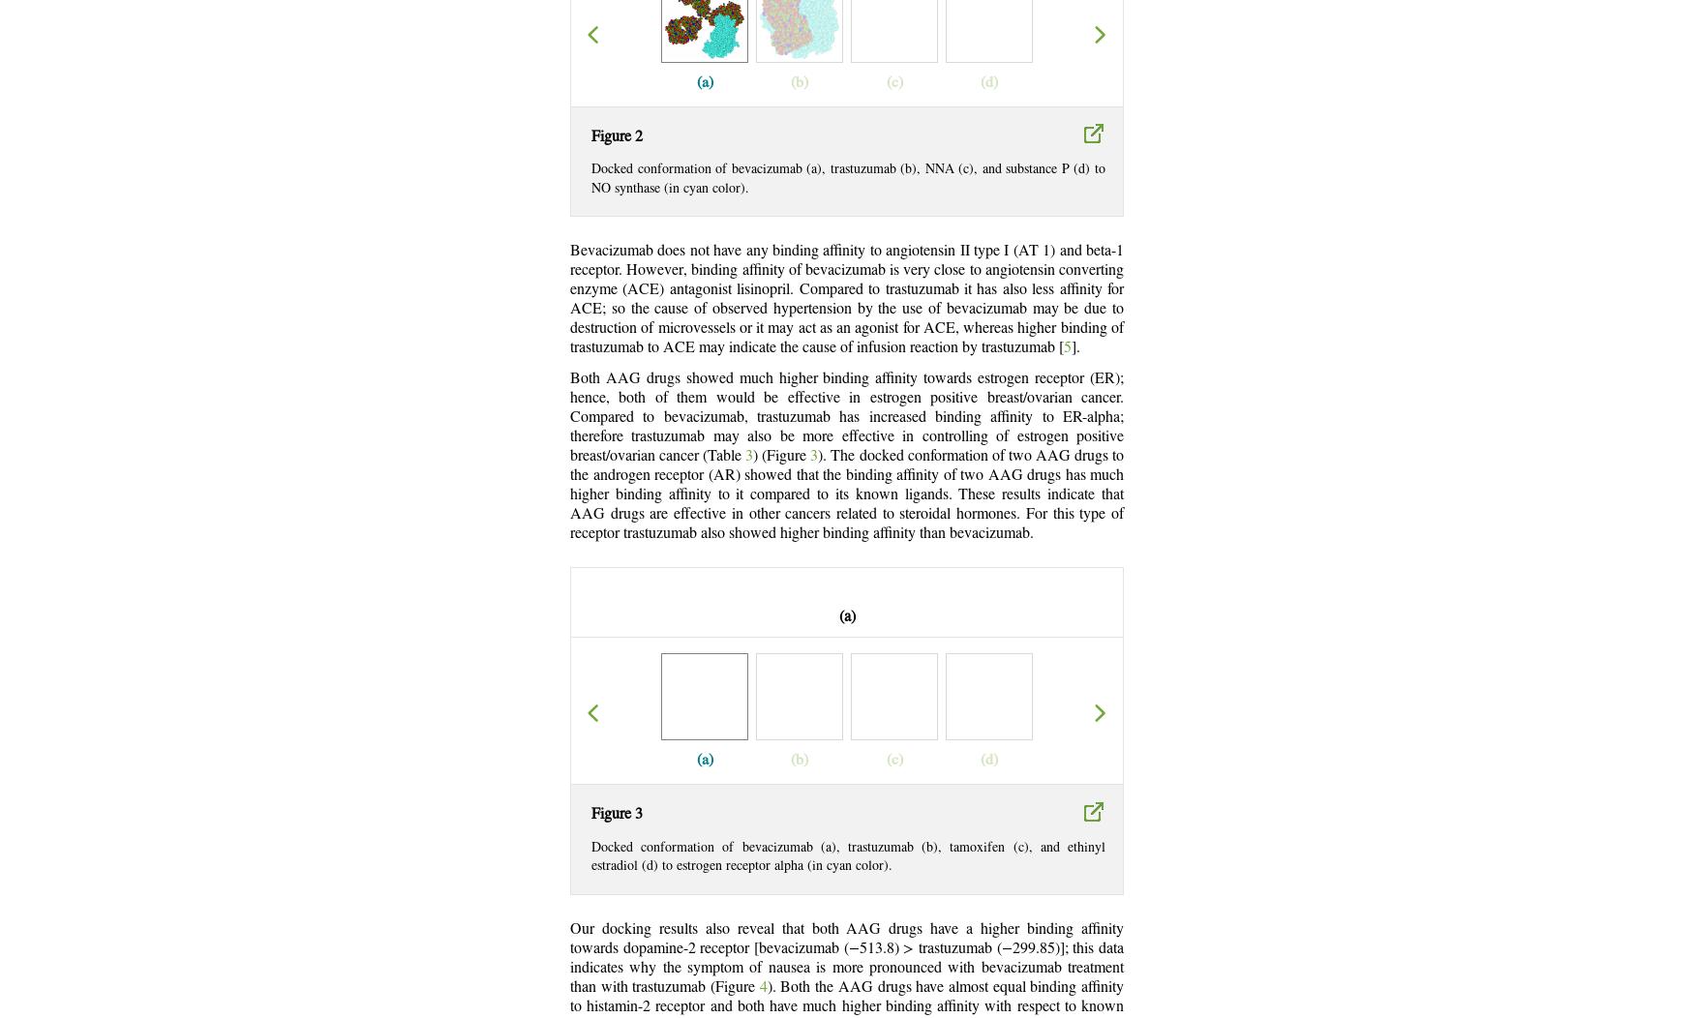  What do you see at coordinates (847, 958) in the screenshot?
I see `'Our docking results also reveal that both AAG drugs have a higher binding affinity towards dopamine-2 receptor [bevacizumab (−513.8) > trastuzumab (−299.85)]; this data indicates why the symptom of nausea is more pronounced with bevacizumab treatment than with trastuzumab (Figure'` at bounding box center [847, 958].